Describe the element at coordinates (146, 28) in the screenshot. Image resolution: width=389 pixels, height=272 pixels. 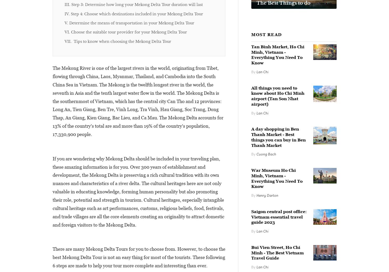
I see `'Chau Doc'` at that location.